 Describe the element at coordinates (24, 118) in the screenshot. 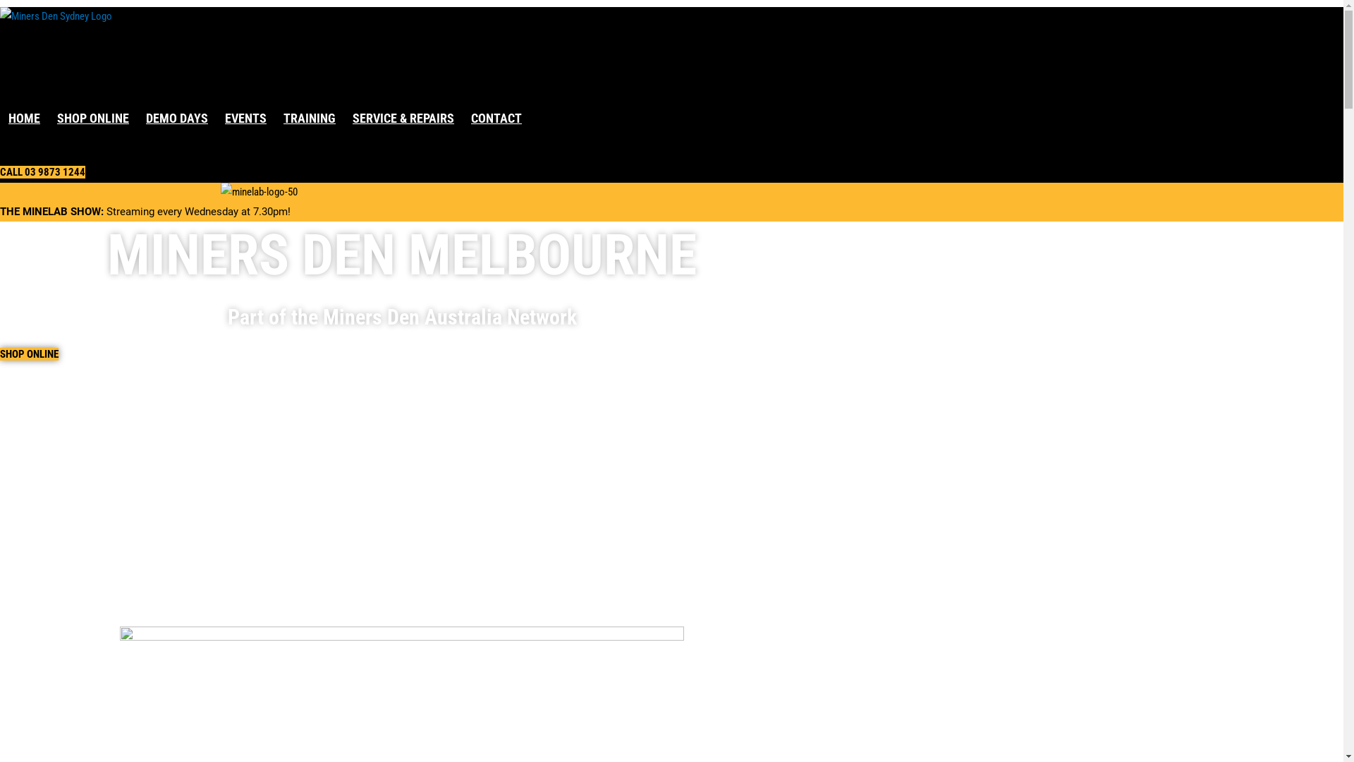

I see `'HOME'` at that location.